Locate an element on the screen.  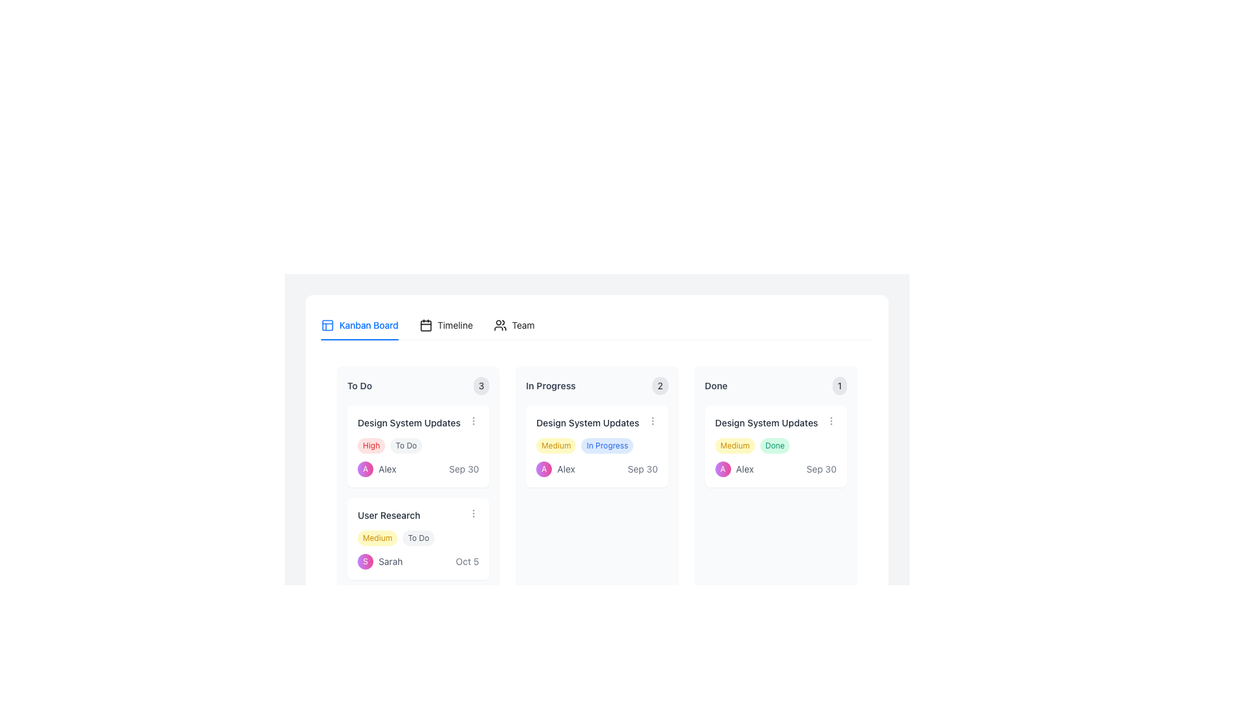
the status and priority indicated by the 'Medium' and 'Done' badges styled as rounded badges within the 'Design System Updates' card of the Kanban board is located at coordinates (775, 445).